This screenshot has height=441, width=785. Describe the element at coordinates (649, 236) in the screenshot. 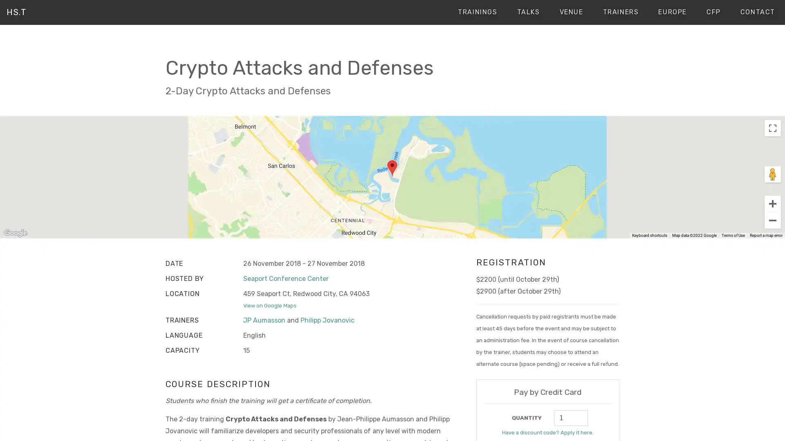

I see `Keyboard shortcuts` at that location.